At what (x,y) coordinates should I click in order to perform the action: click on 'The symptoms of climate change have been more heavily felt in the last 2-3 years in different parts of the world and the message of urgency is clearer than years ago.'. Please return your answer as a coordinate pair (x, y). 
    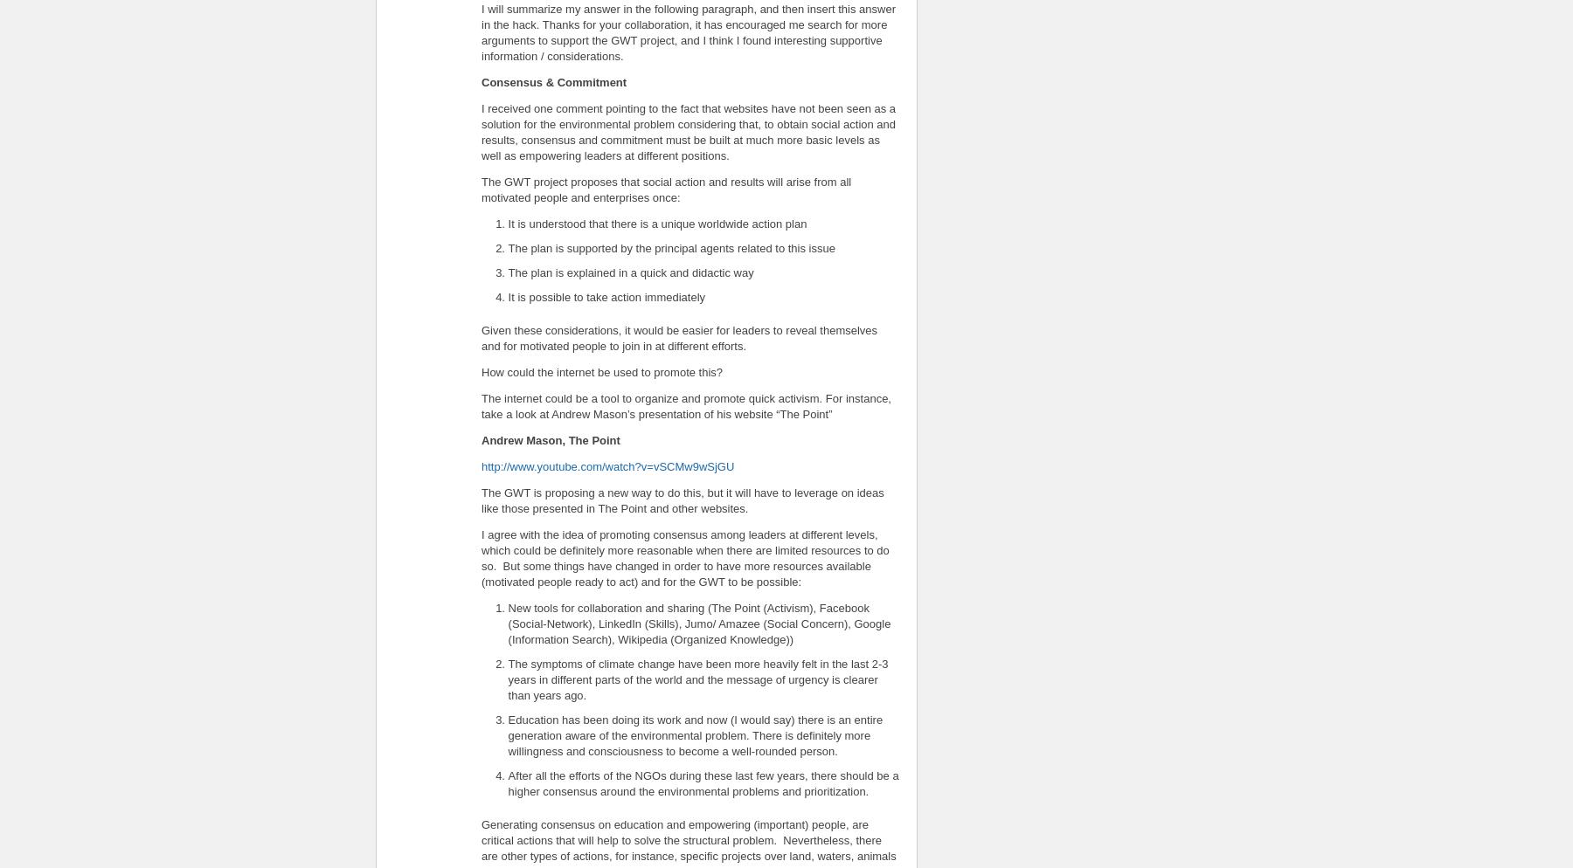
    Looking at the image, I should click on (697, 678).